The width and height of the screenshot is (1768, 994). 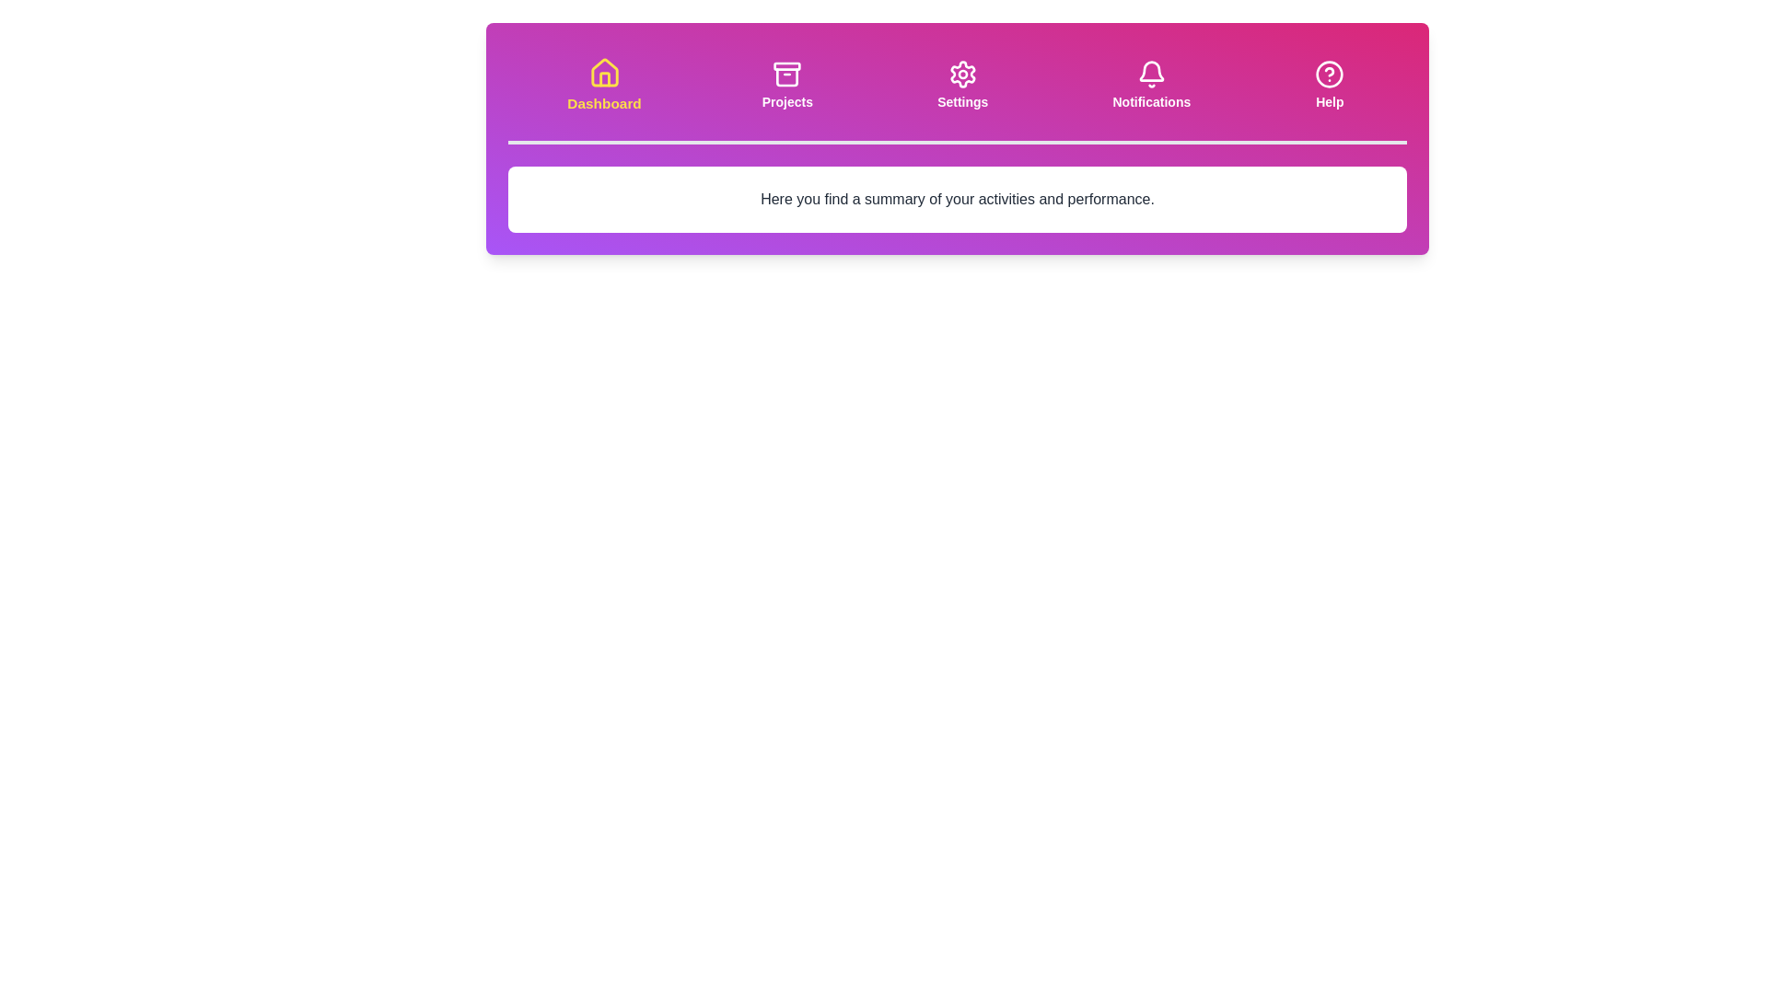 I want to click on the tab titled 'Settings' to observe its icon and title, so click(x=962, y=85).